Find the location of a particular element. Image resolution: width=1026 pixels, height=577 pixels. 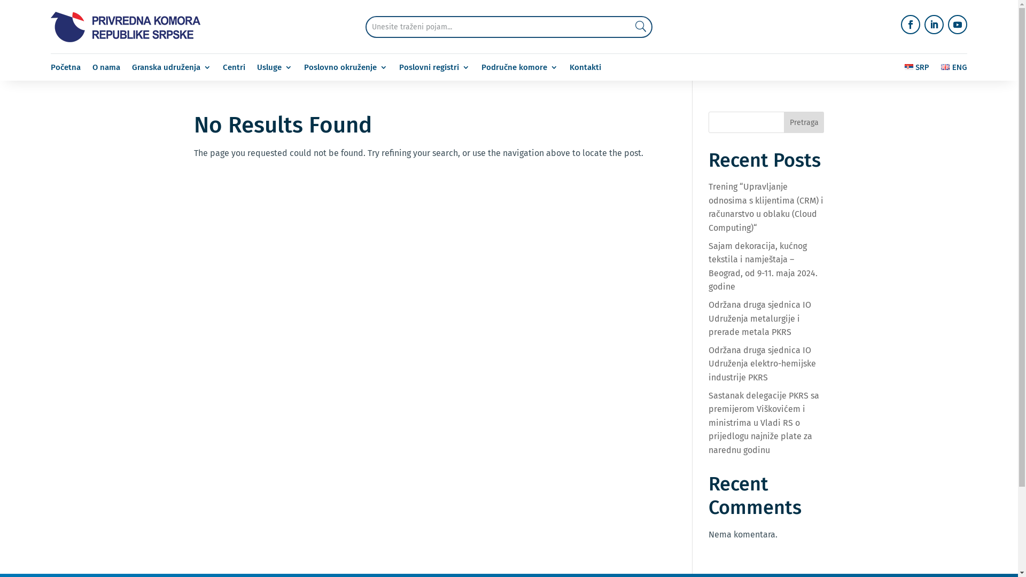

'Usluge' is located at coordinates (274, 69).